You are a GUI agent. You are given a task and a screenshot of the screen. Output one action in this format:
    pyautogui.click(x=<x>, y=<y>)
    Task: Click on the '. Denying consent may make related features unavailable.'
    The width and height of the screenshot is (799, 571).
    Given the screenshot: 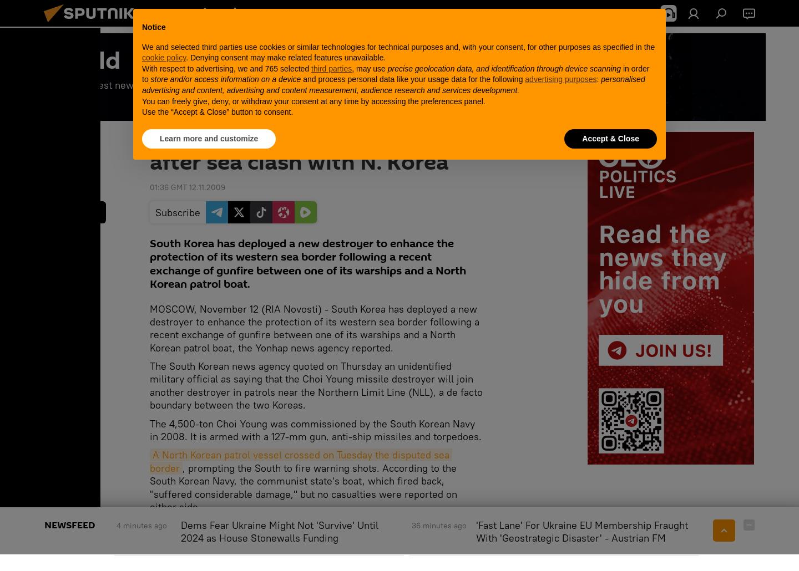 What is the action you would take?
    pyautogui.click(x=285, y=57)
    